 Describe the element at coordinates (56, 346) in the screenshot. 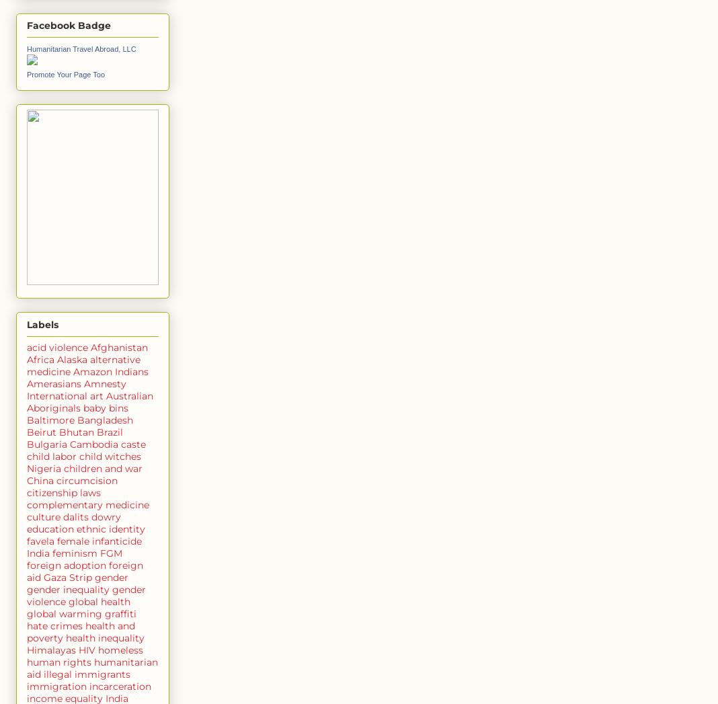

I see `'acid violence'` at that location.